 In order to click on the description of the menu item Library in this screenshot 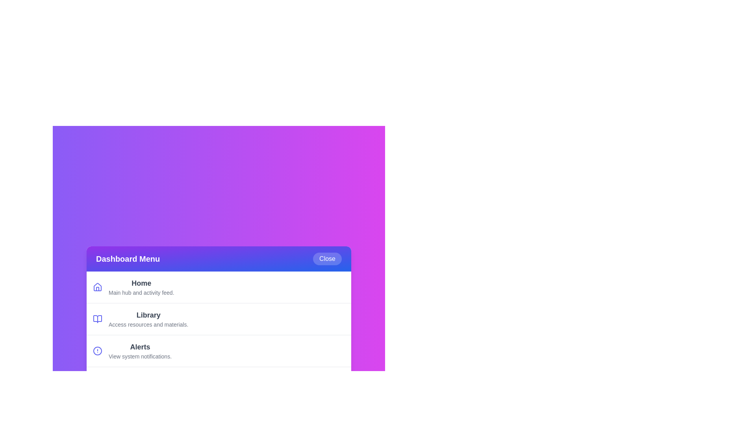, I will do `click(148, 315)`.